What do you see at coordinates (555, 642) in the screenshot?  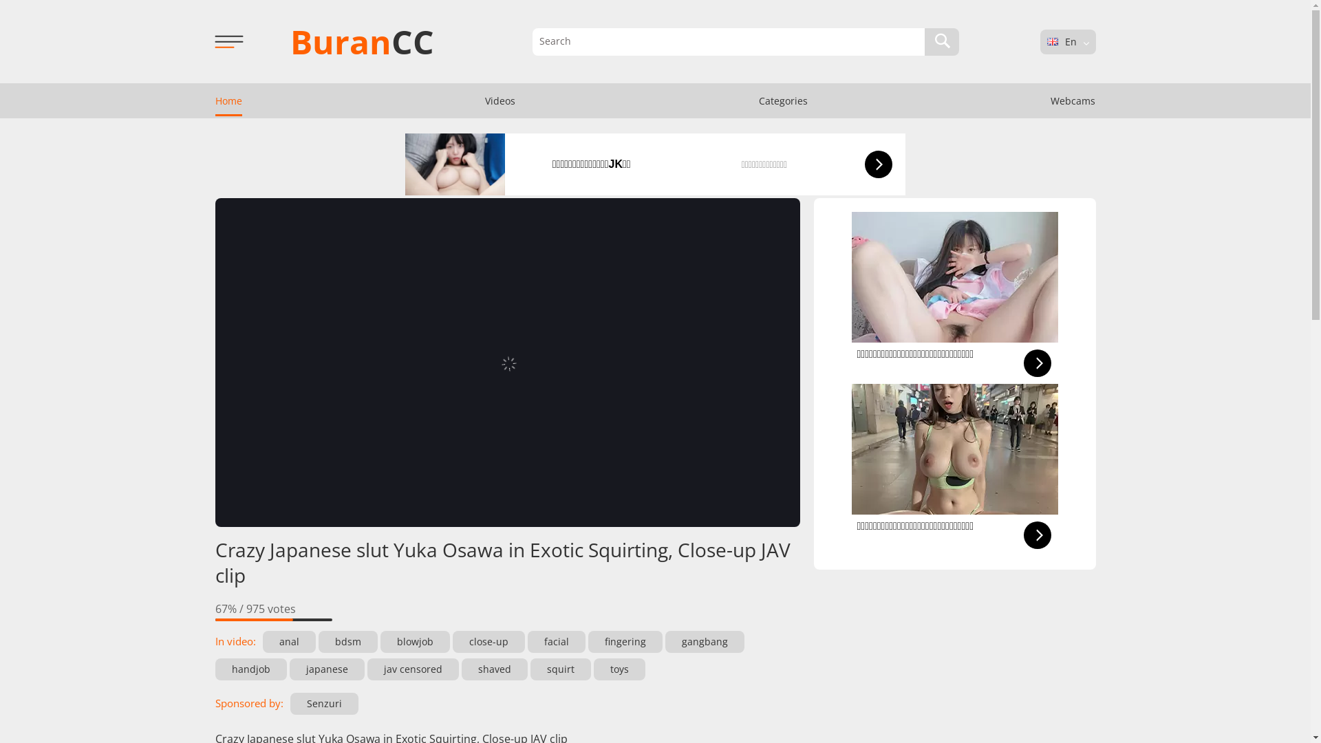 I see `'facial'` at bounding box center [555, 642].